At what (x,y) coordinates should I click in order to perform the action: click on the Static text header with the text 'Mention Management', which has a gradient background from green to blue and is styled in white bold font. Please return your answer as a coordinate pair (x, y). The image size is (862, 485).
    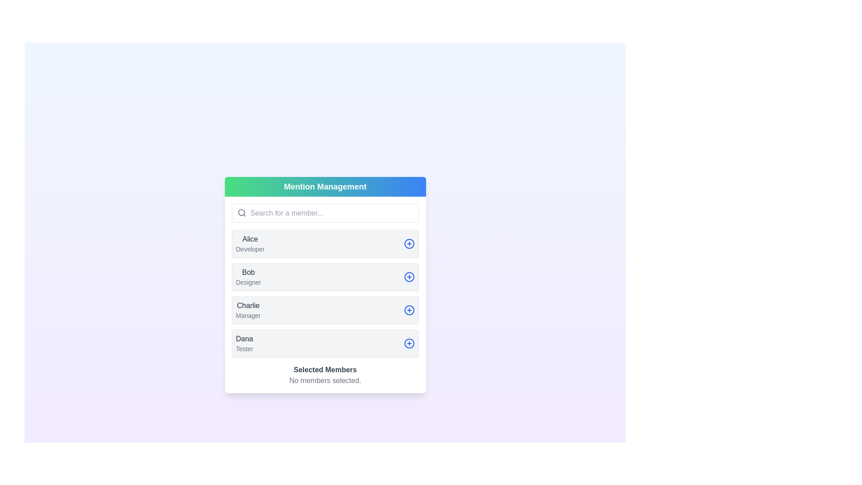
    Looking at the image, I should click on (325, 186).